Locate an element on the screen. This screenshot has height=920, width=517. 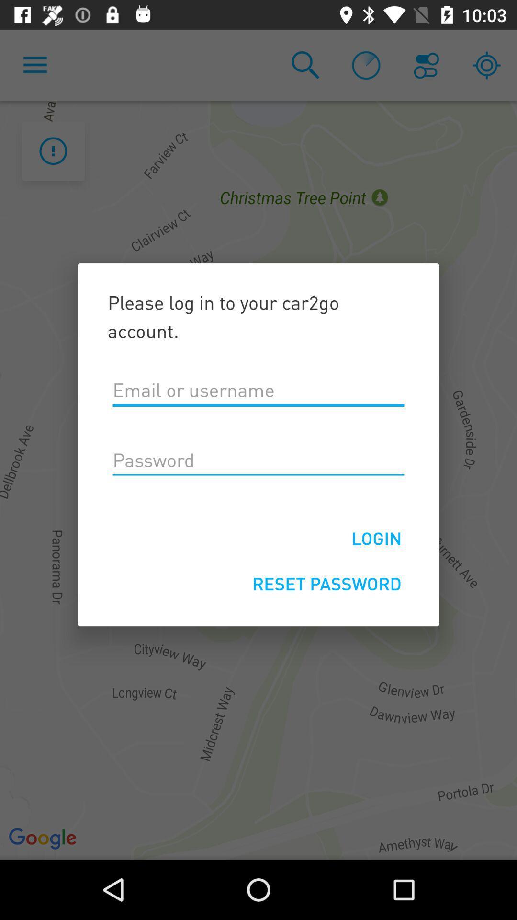
password is located at coordinates (258, 460).